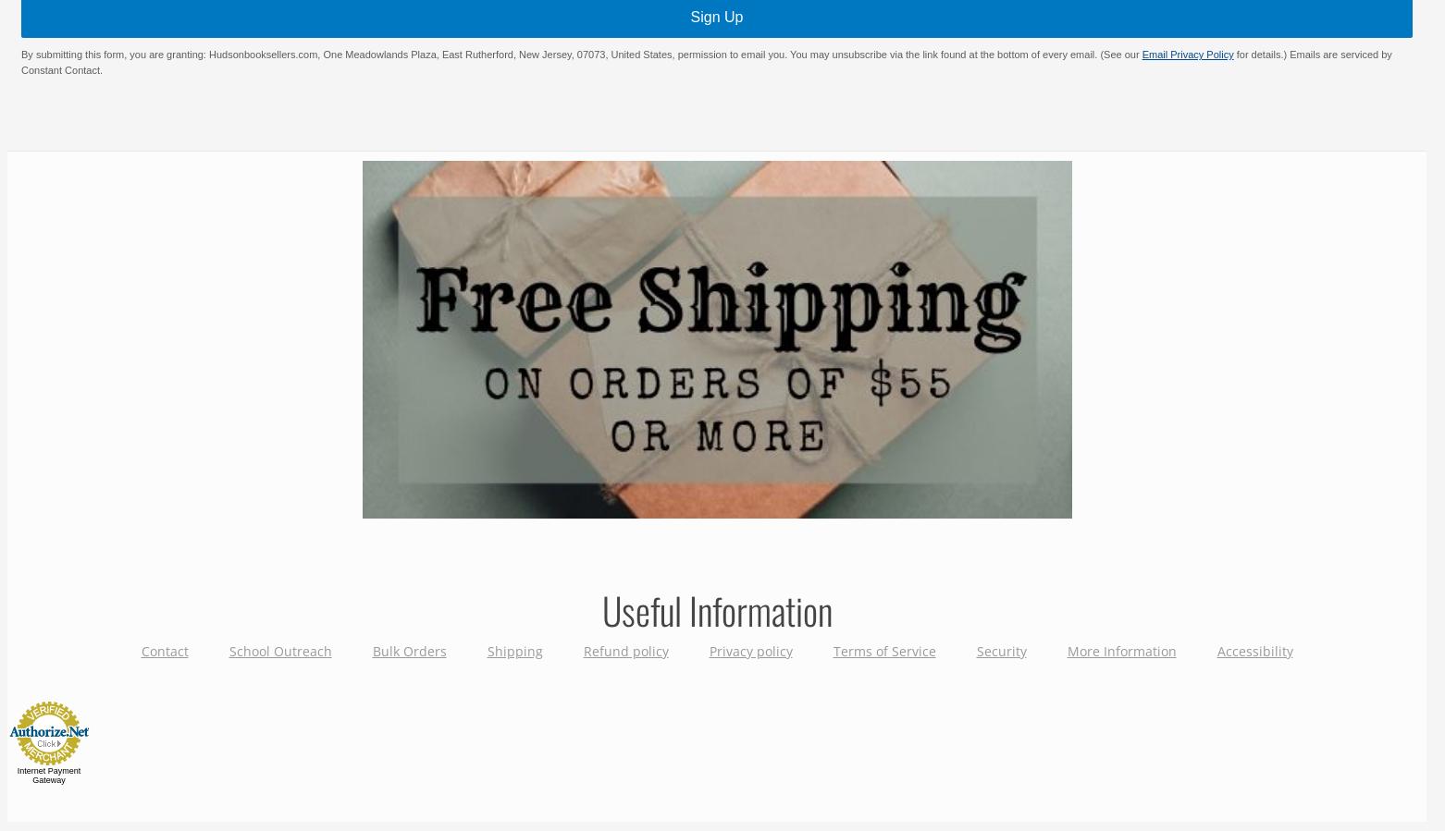 Image resolution: width=1445 pixels, height=831 pixels. What do you see at coordinates (279, 649) in the screenshot?
I see `'School Outreach'` at bounding box center [279, 649].